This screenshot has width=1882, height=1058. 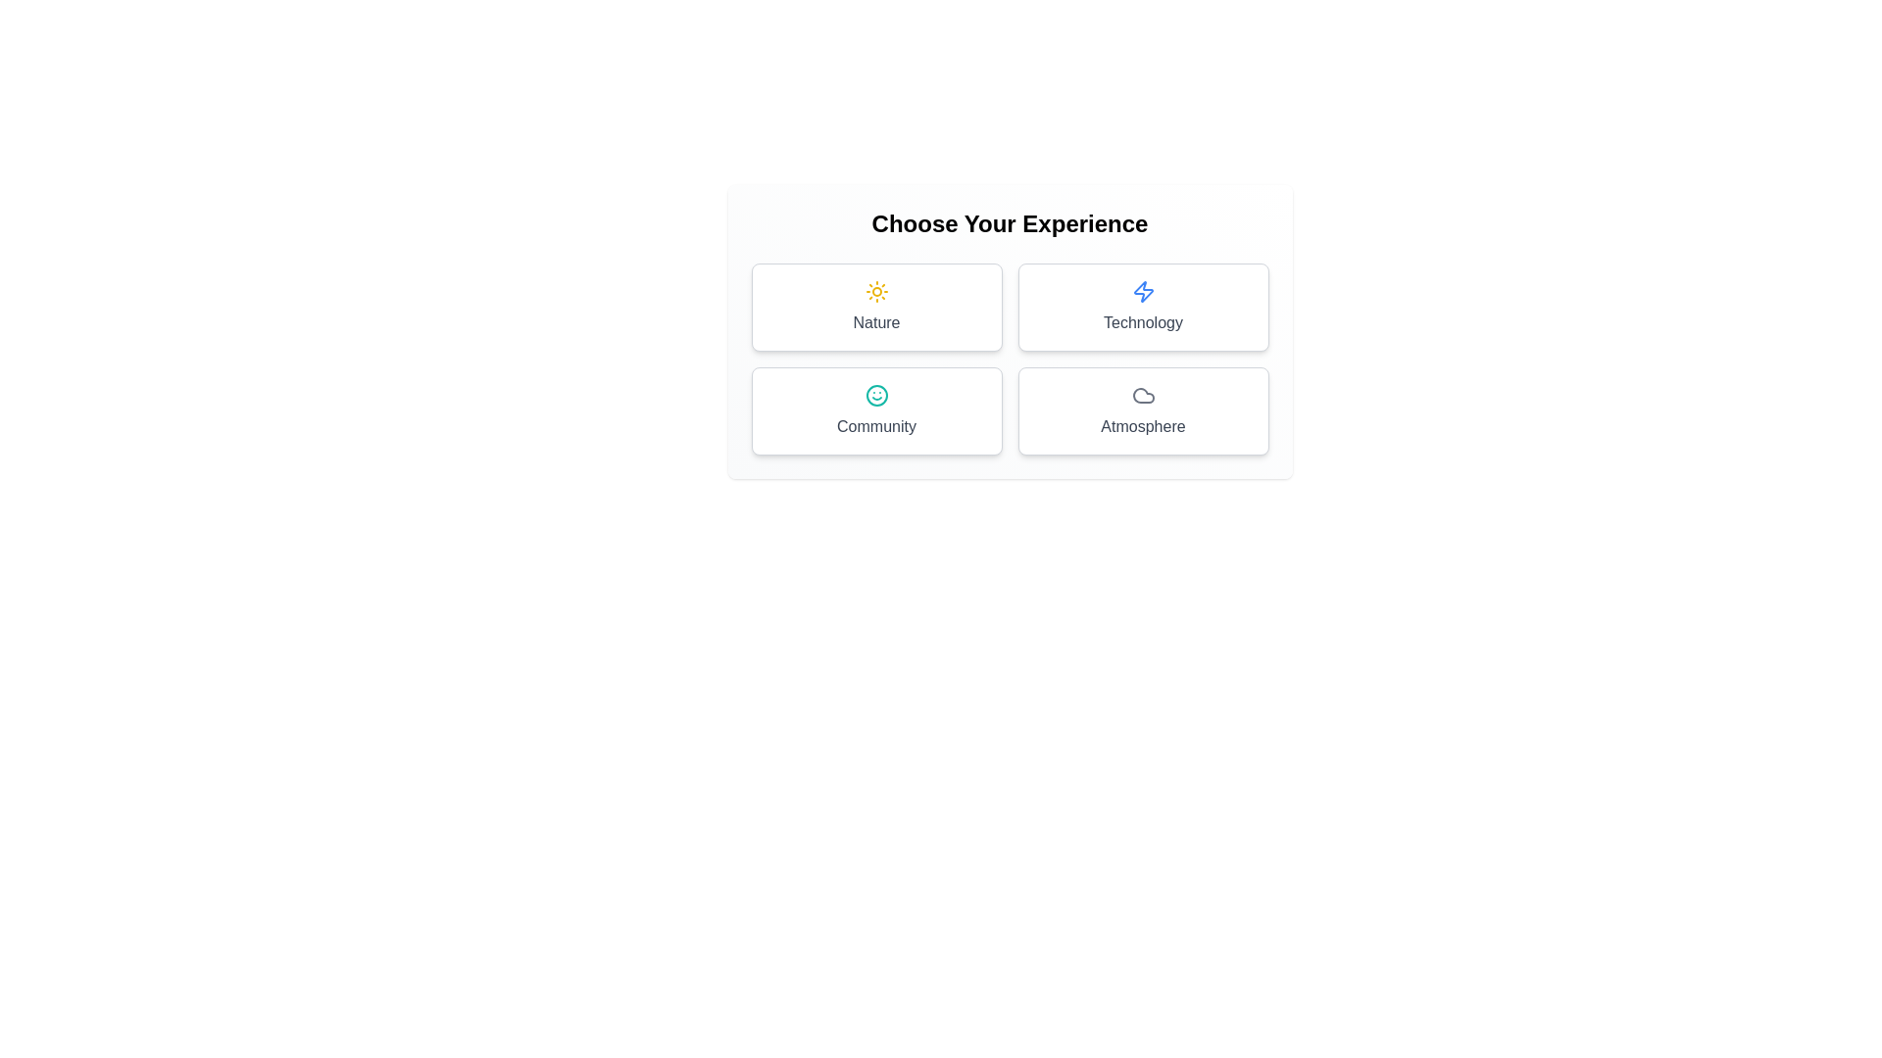 I want to click on the button representing the theme Atmosphere, so click(x=1143, y=410).